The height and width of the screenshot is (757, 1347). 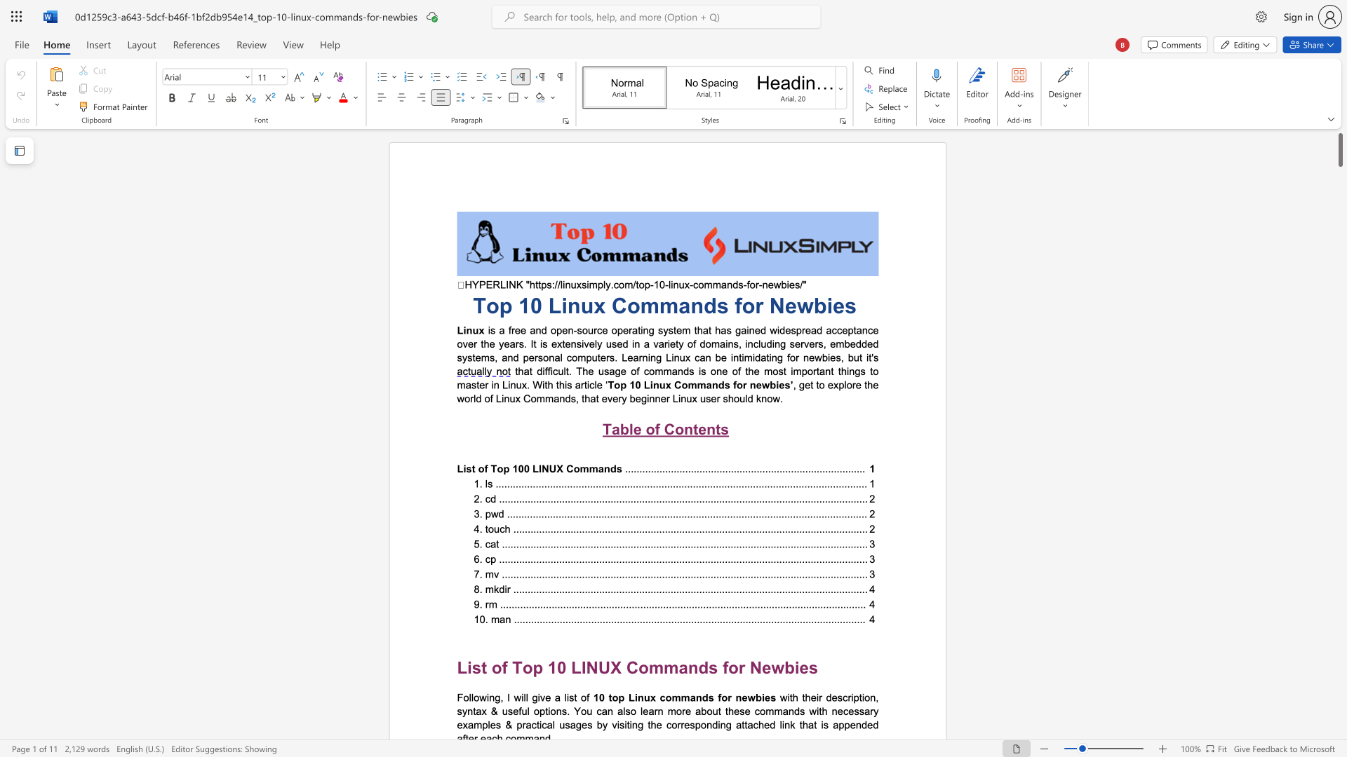 What do you see at coordinates (777, 370) in the screenshot?
I see `the subset text "st im" within the text "is one of the most important things to master in Linux. With this article ‘"` at bounding box center [777, 370].